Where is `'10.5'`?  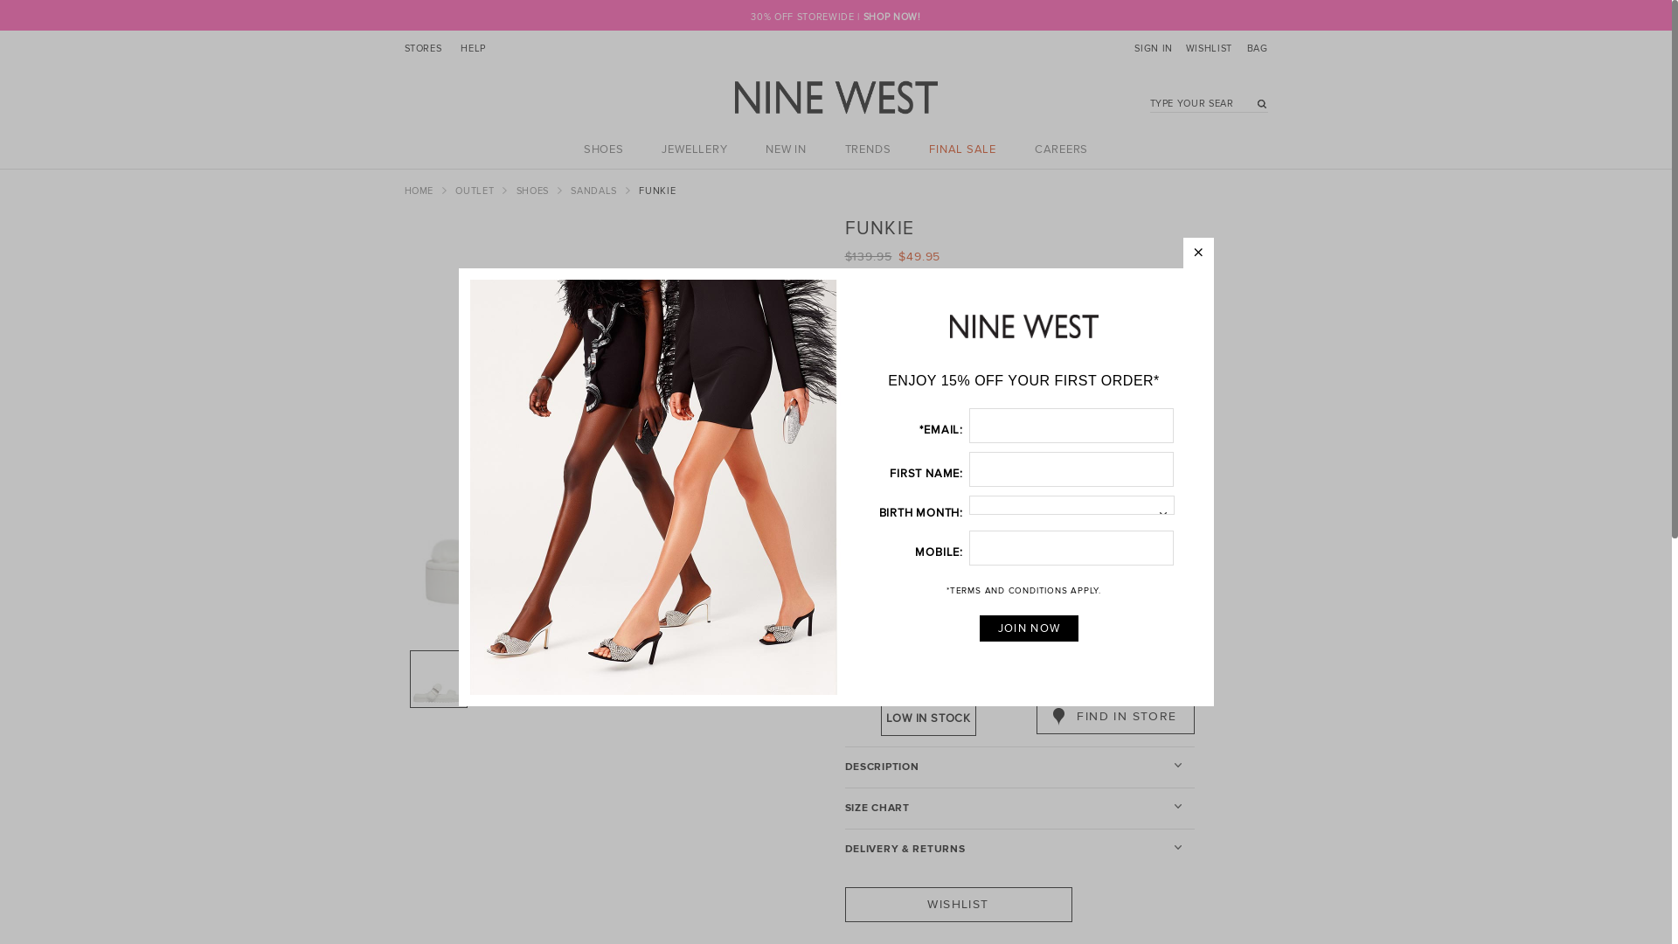
'10.5' is located at coordinates (1127, 458).